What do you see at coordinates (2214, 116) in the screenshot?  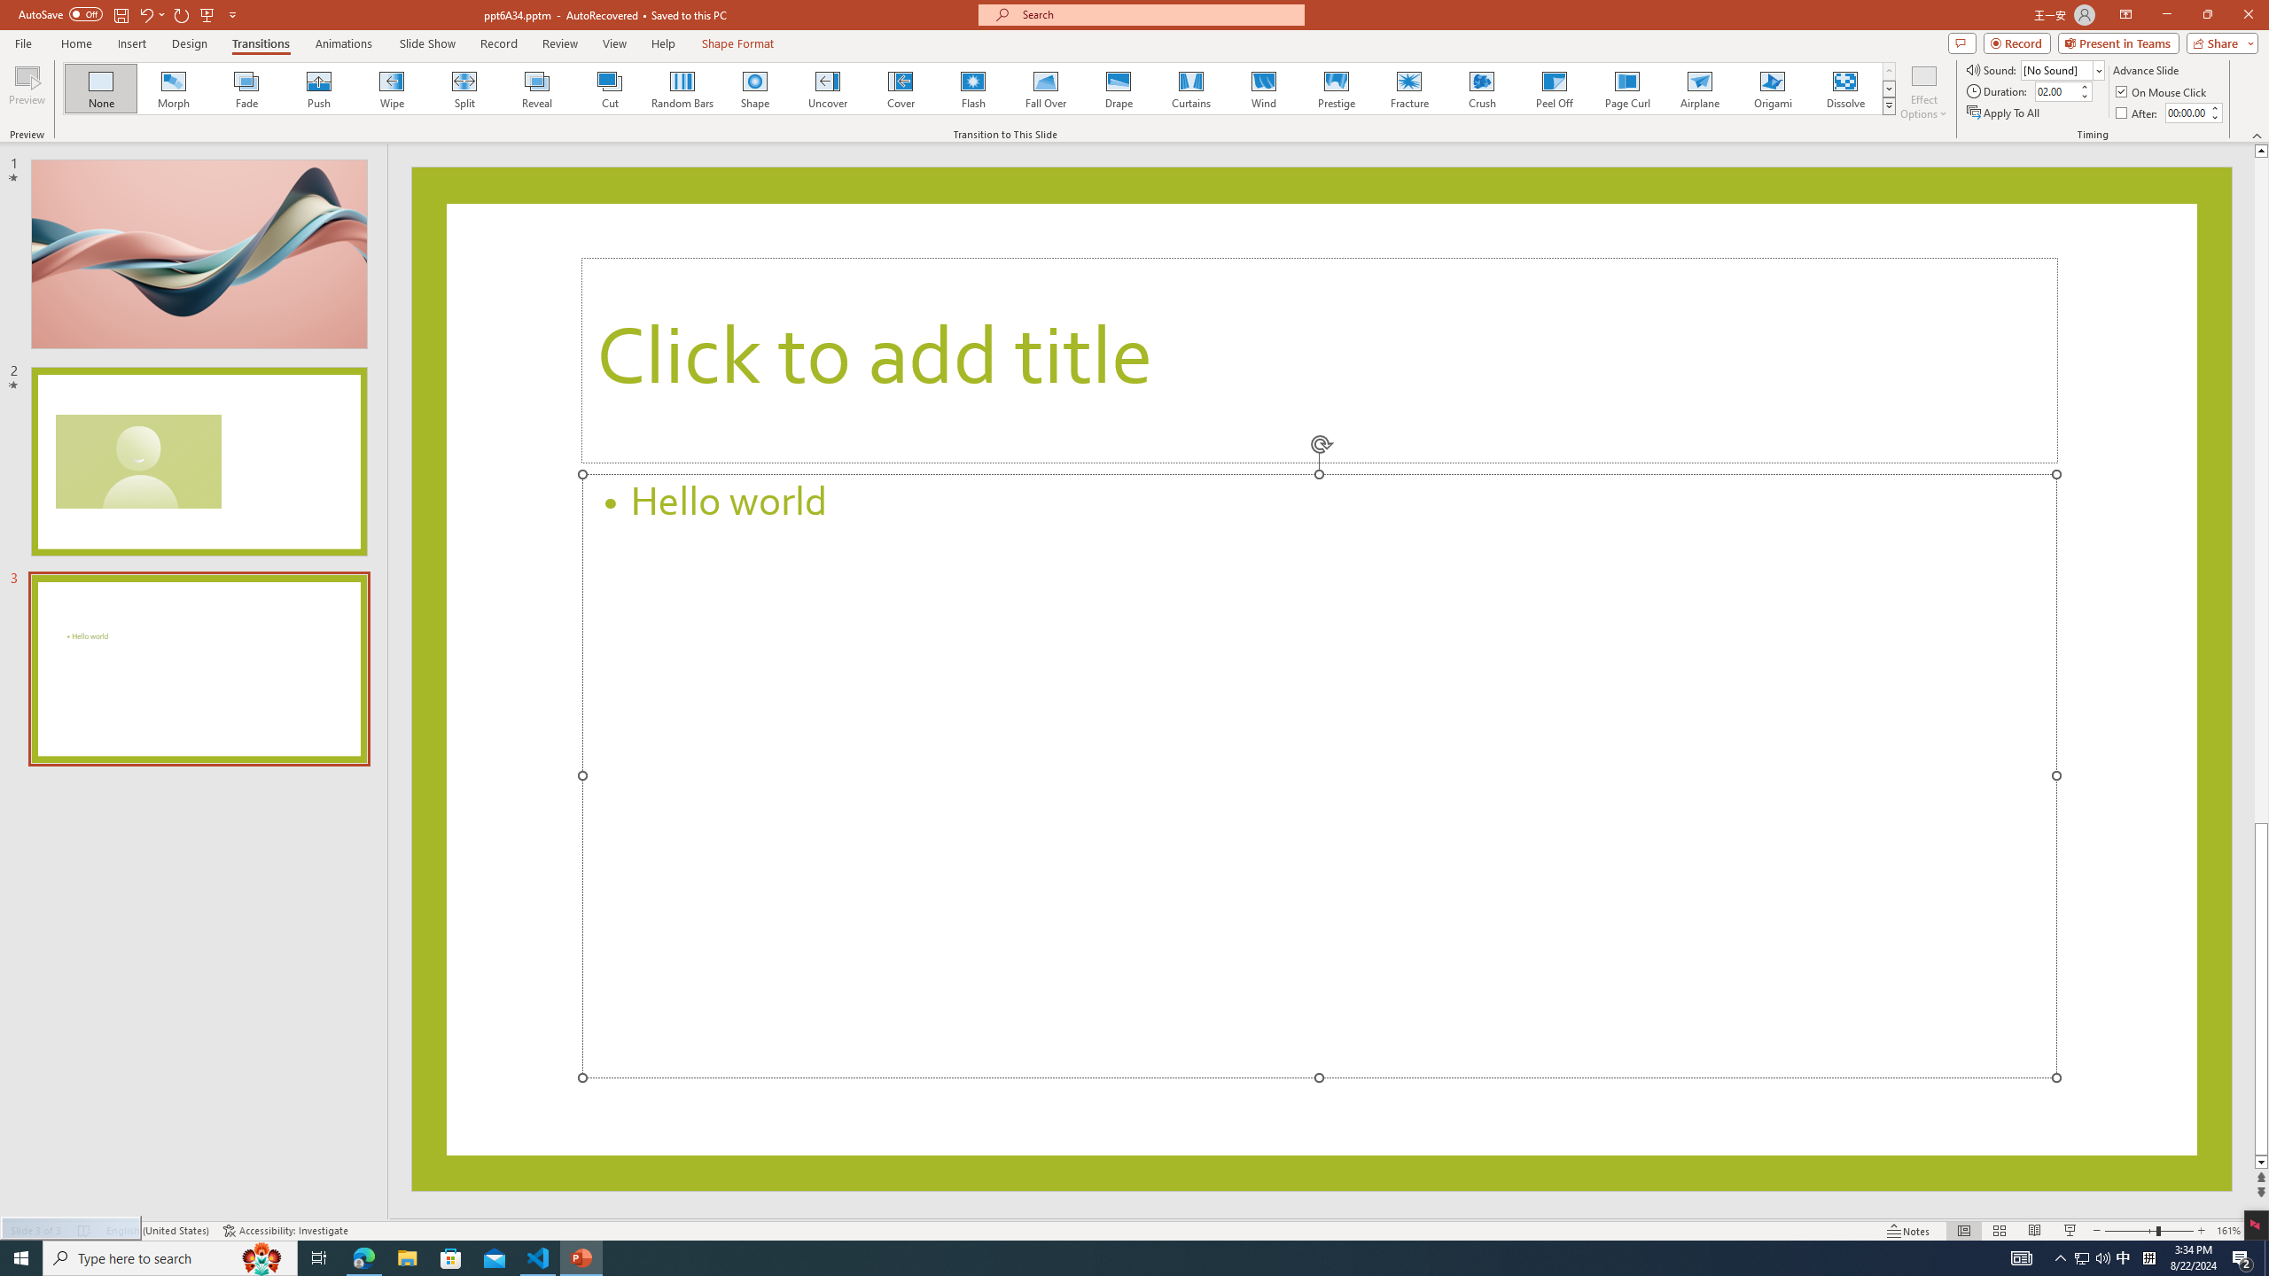 I see `'Less'` at bounding box center [2214, 116].